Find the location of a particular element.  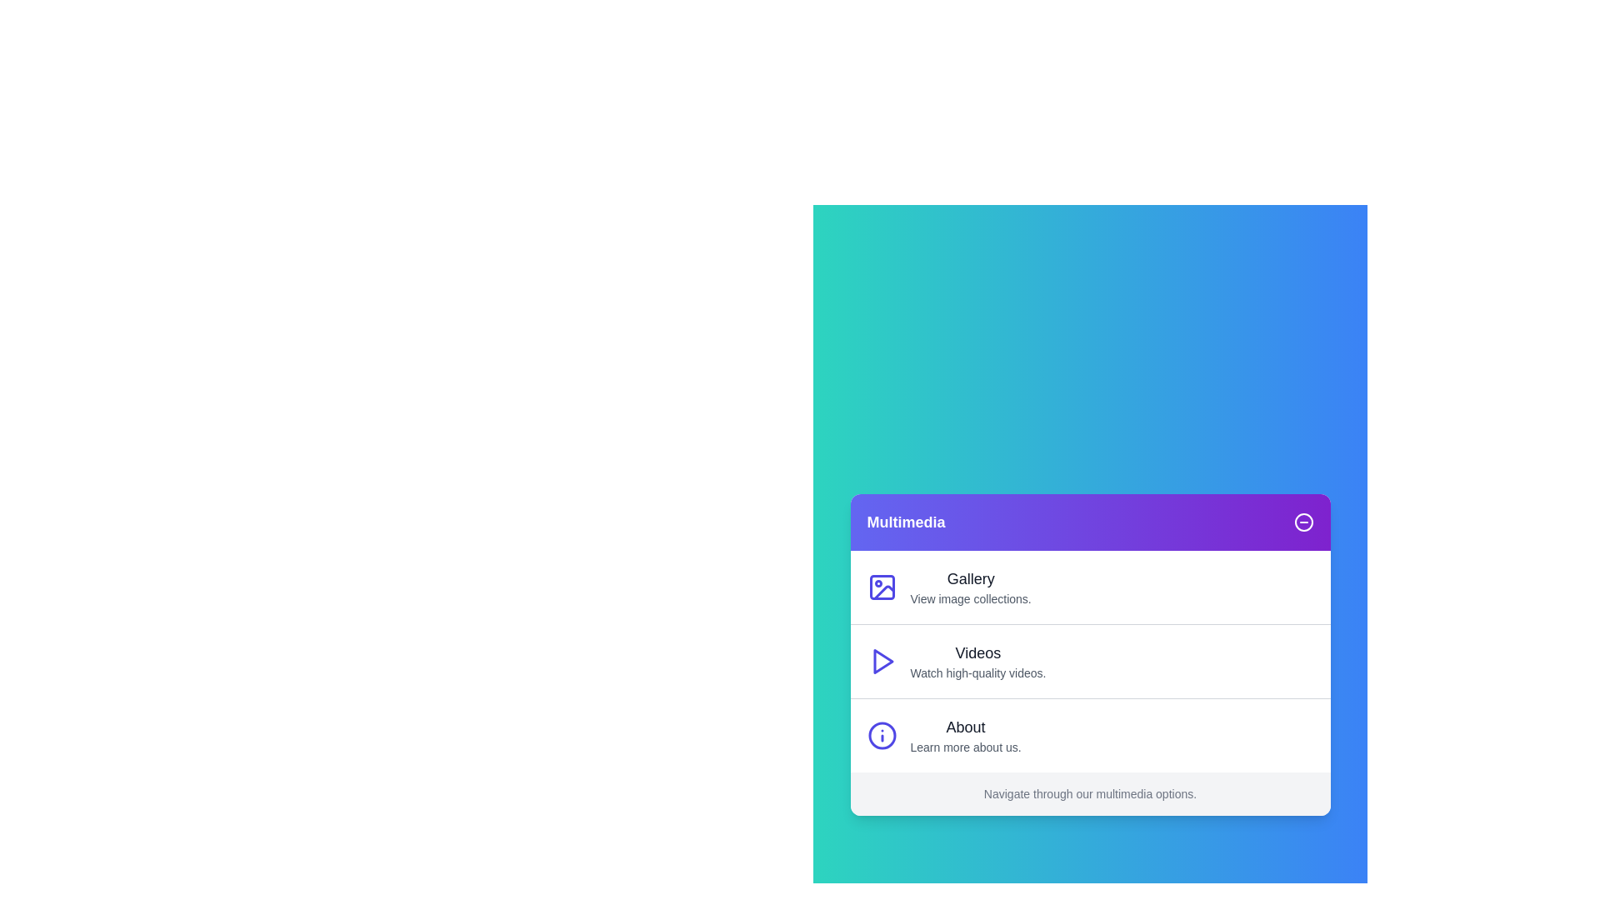

the footer text to interact with it is located at coordinates (1090, 792).